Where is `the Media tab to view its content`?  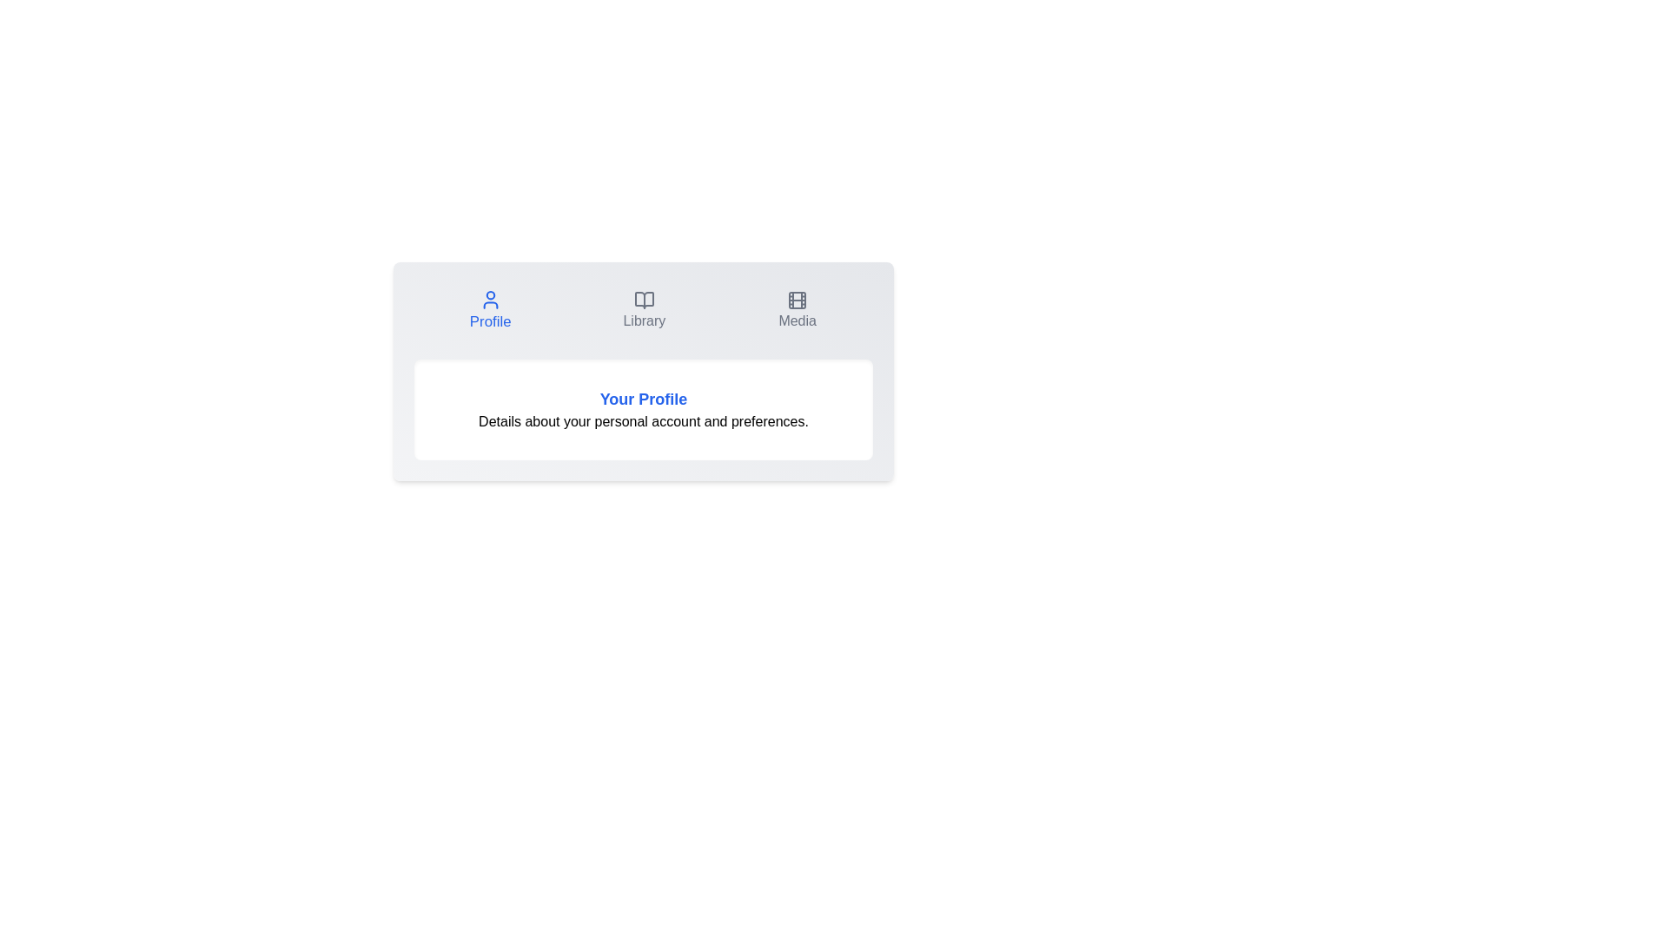 the Media tab to view its content is located at coordinates (797, 310).